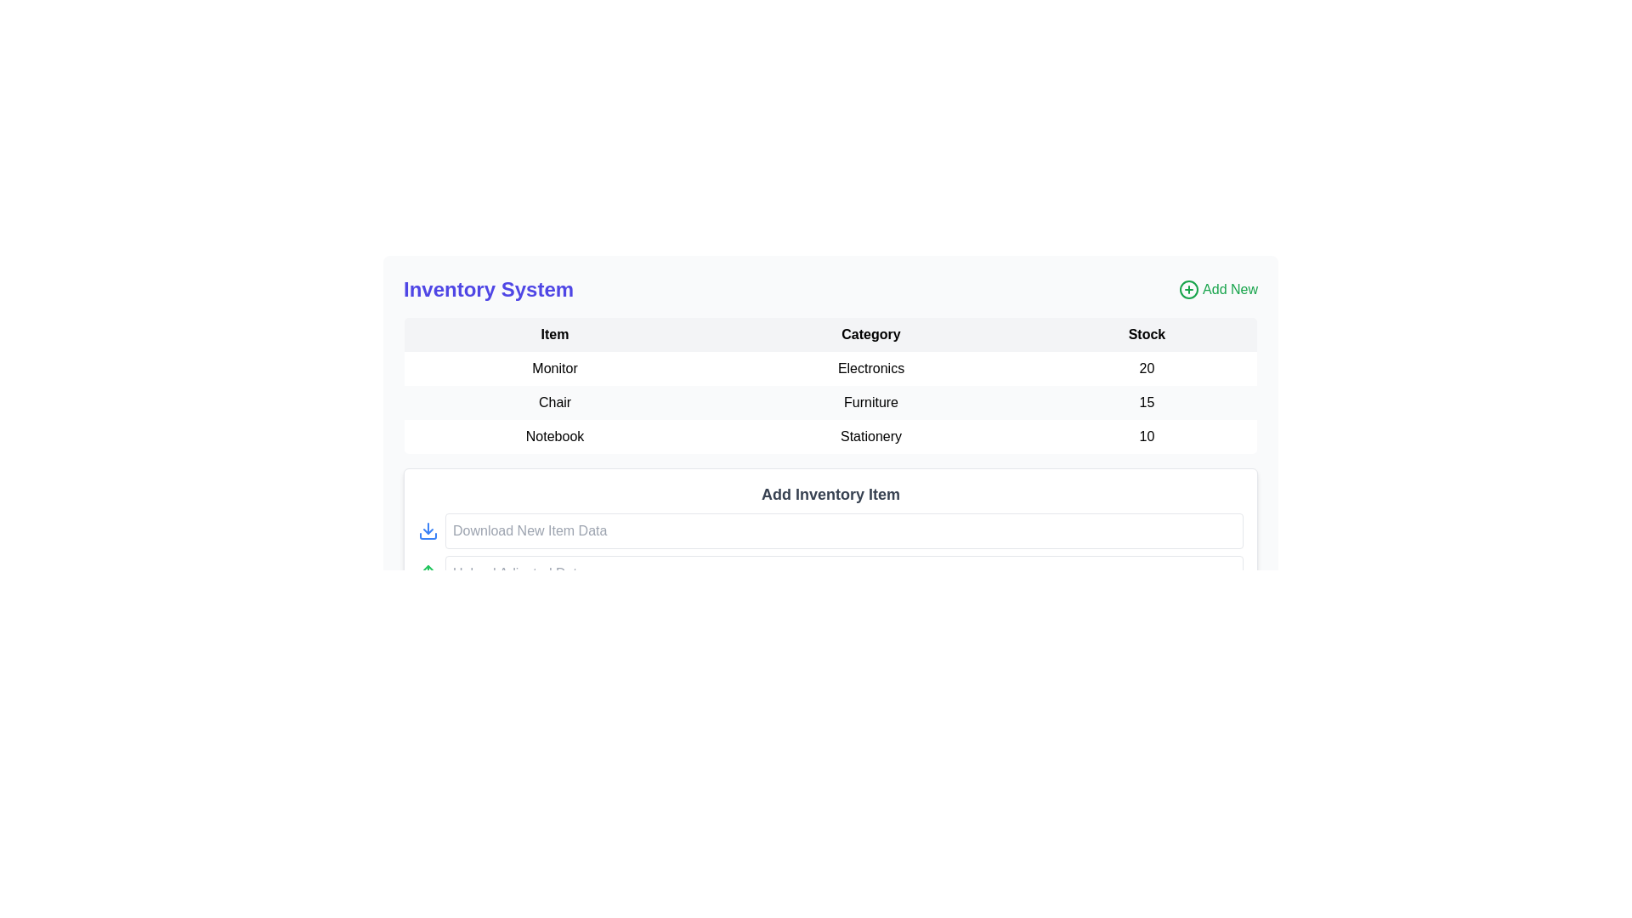  Describe the element at coordinates (830, 368) in the screenshot. I see `the first row of the inventory table that contains the item 'Monitor', category 'Electronics', and stock quantity '20'` at that location.